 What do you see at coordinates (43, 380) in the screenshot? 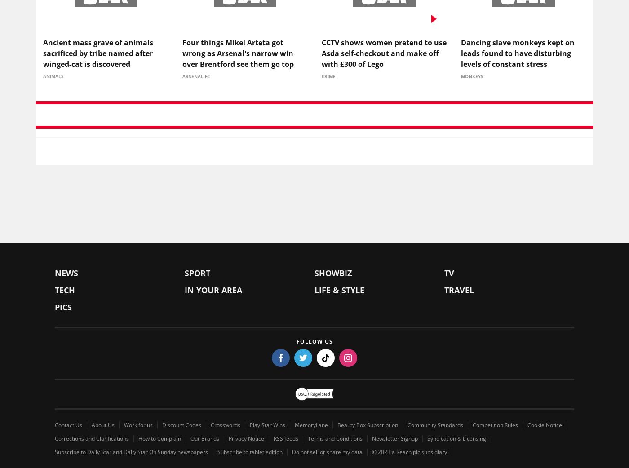
I see `'Sky boxing icon Adam Smith says 'it's great to be alive' at ringside after beating cancer'` at bounding box center [43, 380].